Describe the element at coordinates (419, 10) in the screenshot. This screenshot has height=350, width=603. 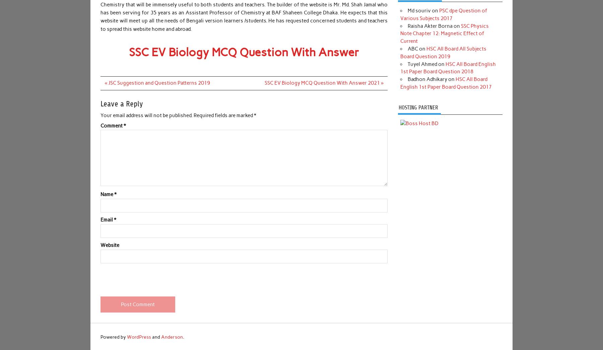
I see `'Md souriv'` at that location.